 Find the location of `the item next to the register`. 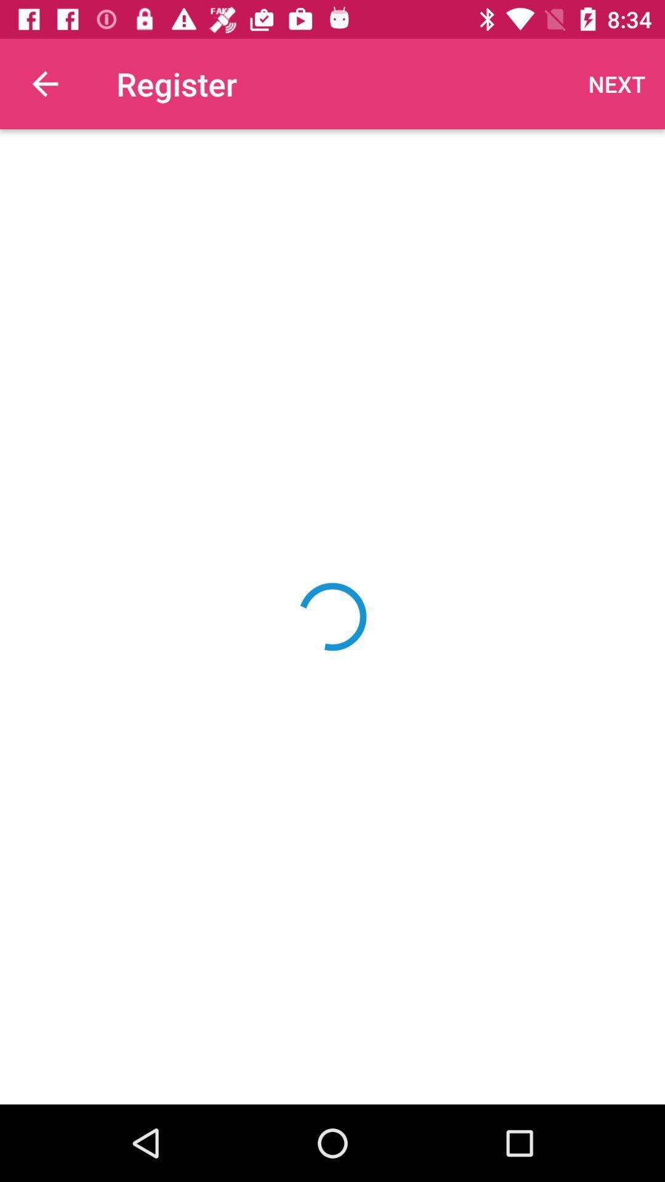

the item next to the register is located at coordinates (44, 83).